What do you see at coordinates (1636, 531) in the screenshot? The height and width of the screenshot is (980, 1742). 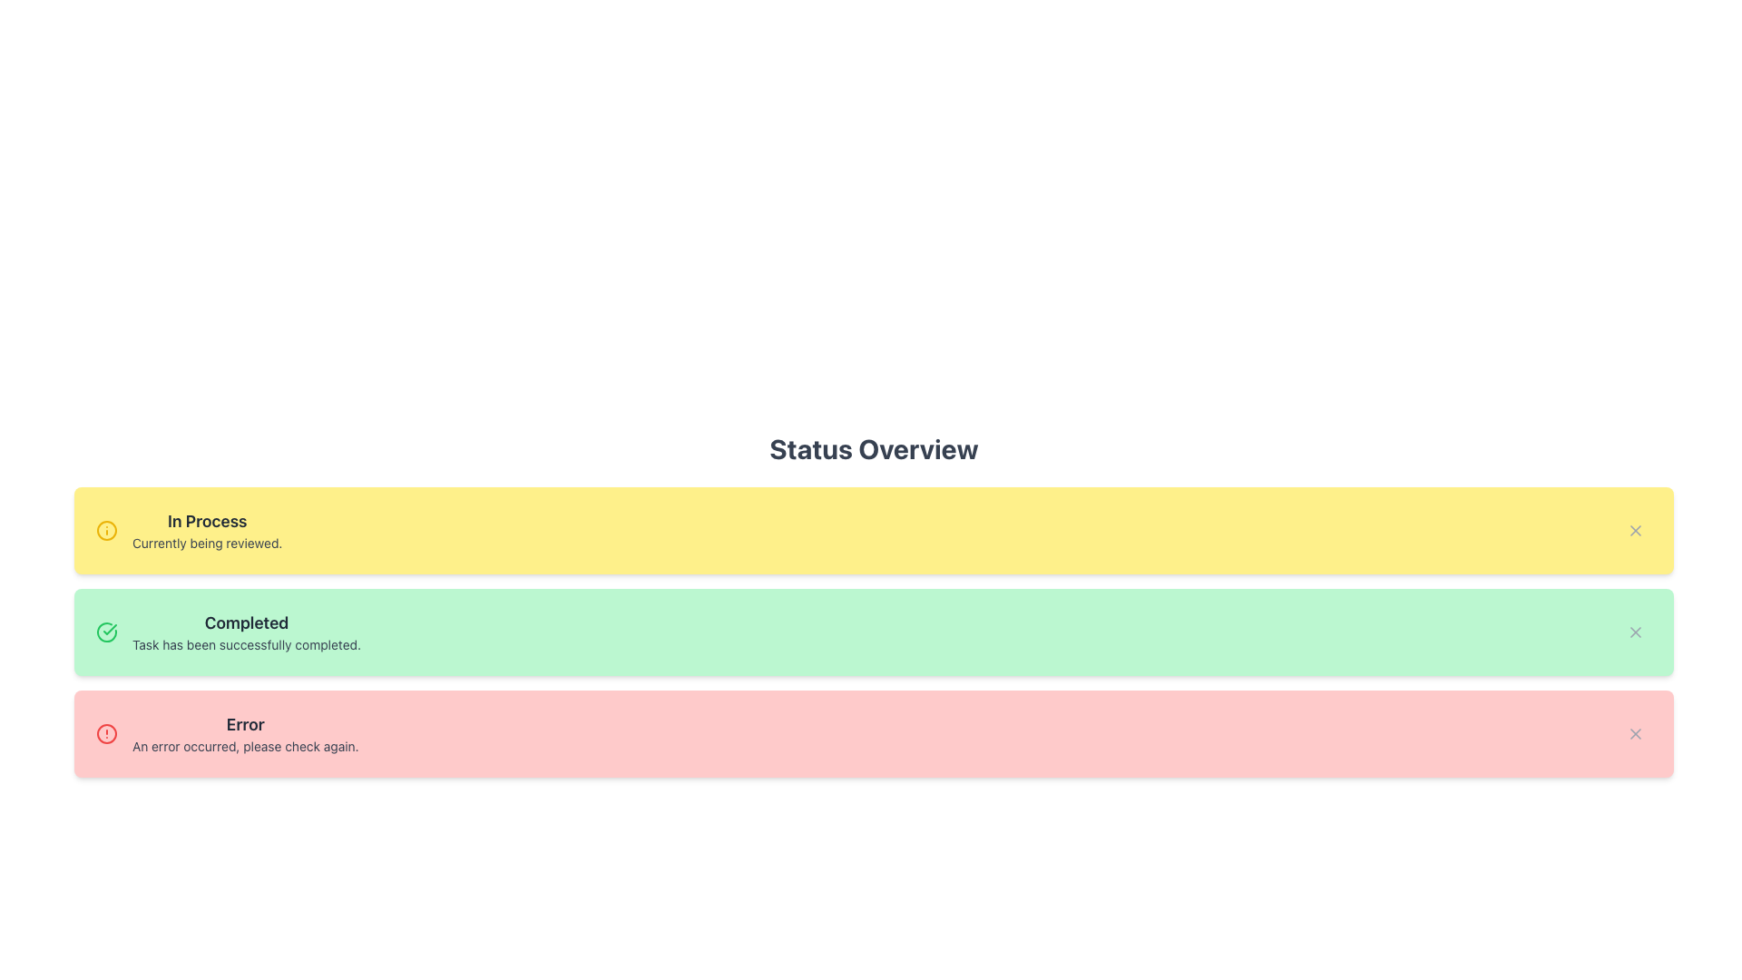 I see `the 'X' icon button in the top-right corner of the yellow status block labeled 'In Process'` at bounding box center [1636, 531].